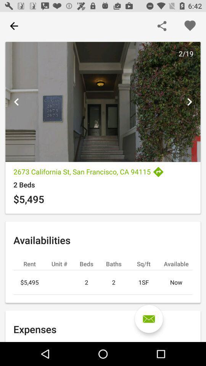 Image resolution: width=206 pixels, height=366 pixels. I want to click on mail somebody, so click(149, 319).